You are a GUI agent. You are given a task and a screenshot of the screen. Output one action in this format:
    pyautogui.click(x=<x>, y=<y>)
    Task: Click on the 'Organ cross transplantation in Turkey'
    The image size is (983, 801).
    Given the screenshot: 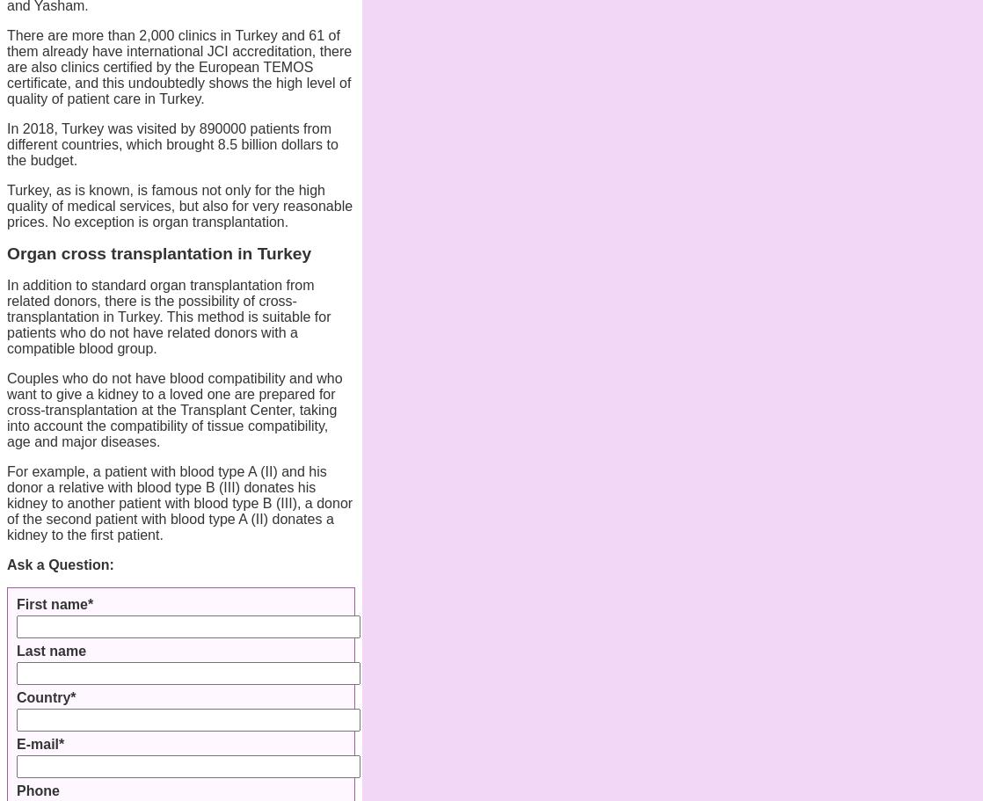 What is the action you would take?
    pyautogui.click(x=7, y=253)
    